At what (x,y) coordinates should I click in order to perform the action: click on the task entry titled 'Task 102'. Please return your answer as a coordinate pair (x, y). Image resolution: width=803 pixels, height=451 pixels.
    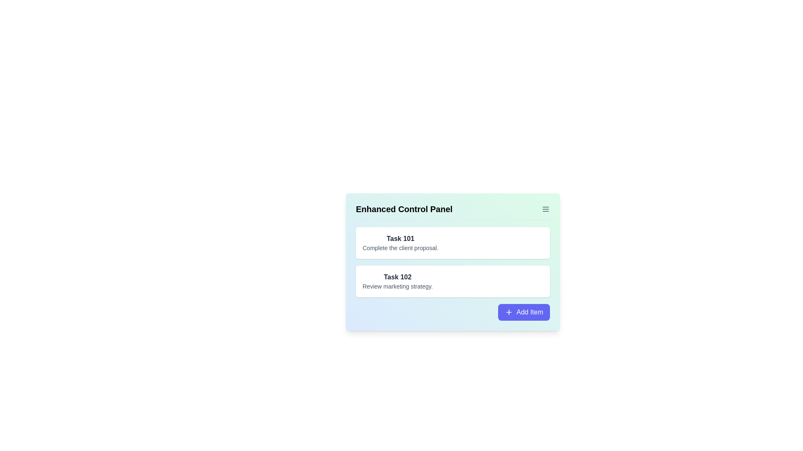
    Looking at the image, I should click on (397, 281).